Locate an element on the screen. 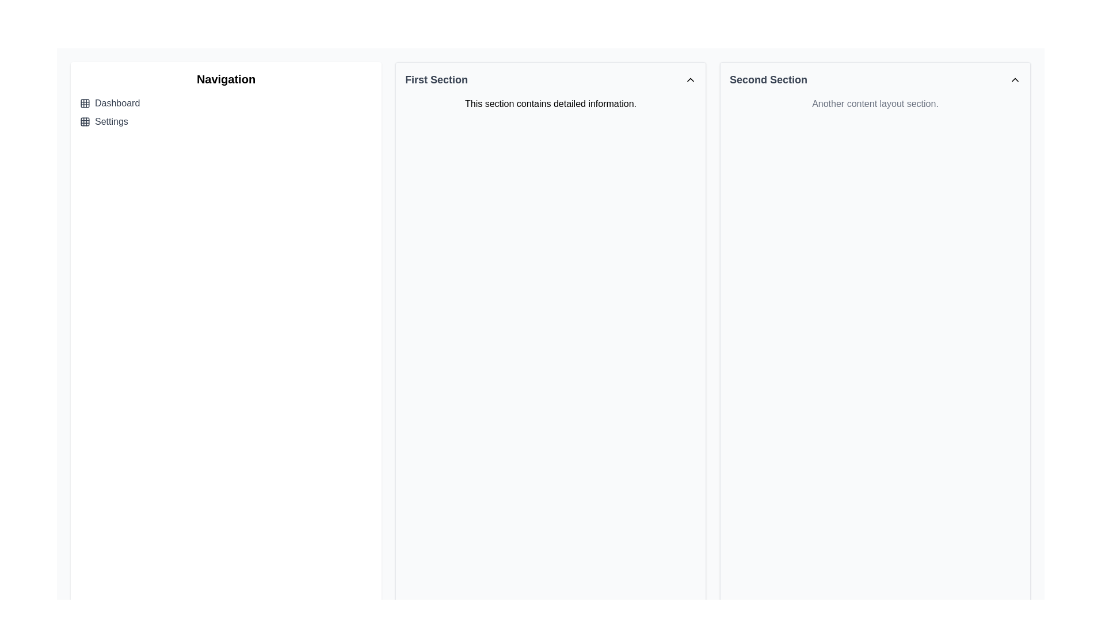 The image size is (1105, 621). the collapse icon located at the far right of the 'First Section' area to hide its content is located at coordinates (691, 79).